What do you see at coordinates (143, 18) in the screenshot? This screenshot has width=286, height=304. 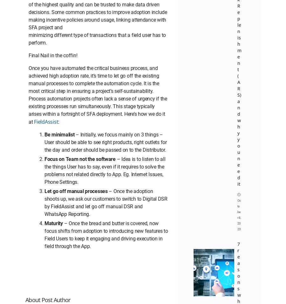 I see `'Contact Us'` at bounding box center [143, 18].